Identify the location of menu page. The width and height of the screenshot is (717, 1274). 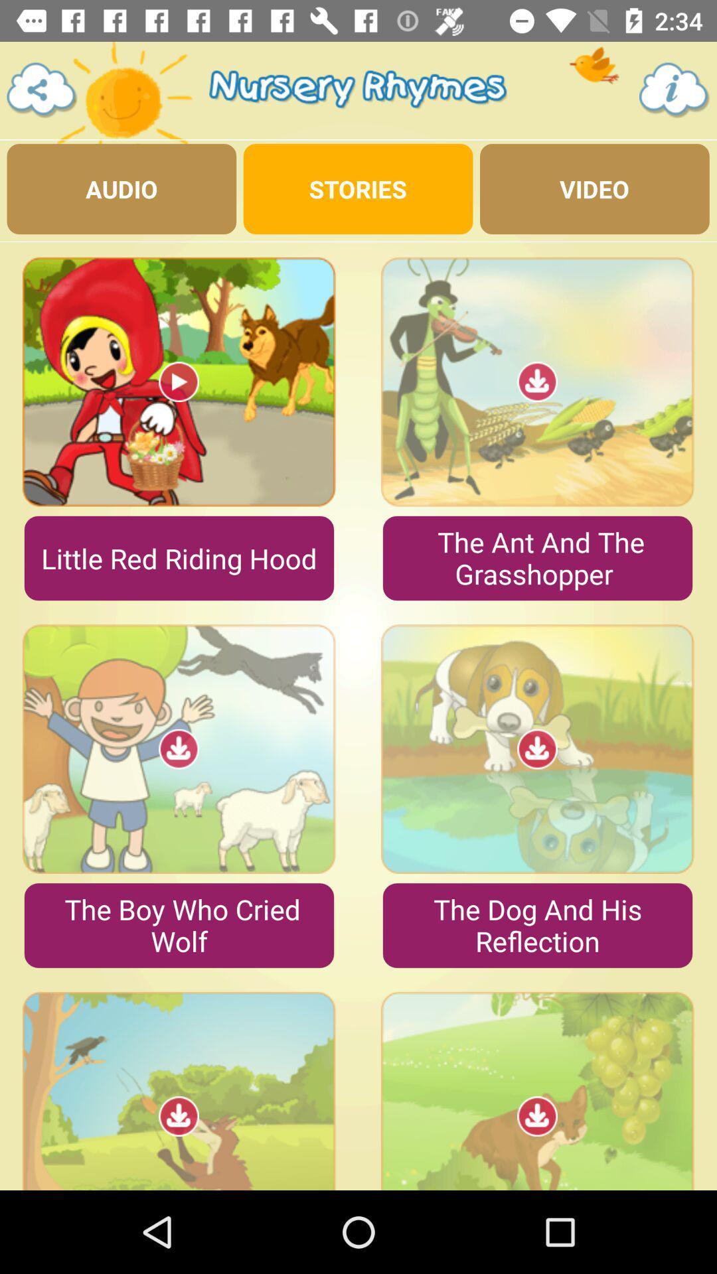
(41, 90).